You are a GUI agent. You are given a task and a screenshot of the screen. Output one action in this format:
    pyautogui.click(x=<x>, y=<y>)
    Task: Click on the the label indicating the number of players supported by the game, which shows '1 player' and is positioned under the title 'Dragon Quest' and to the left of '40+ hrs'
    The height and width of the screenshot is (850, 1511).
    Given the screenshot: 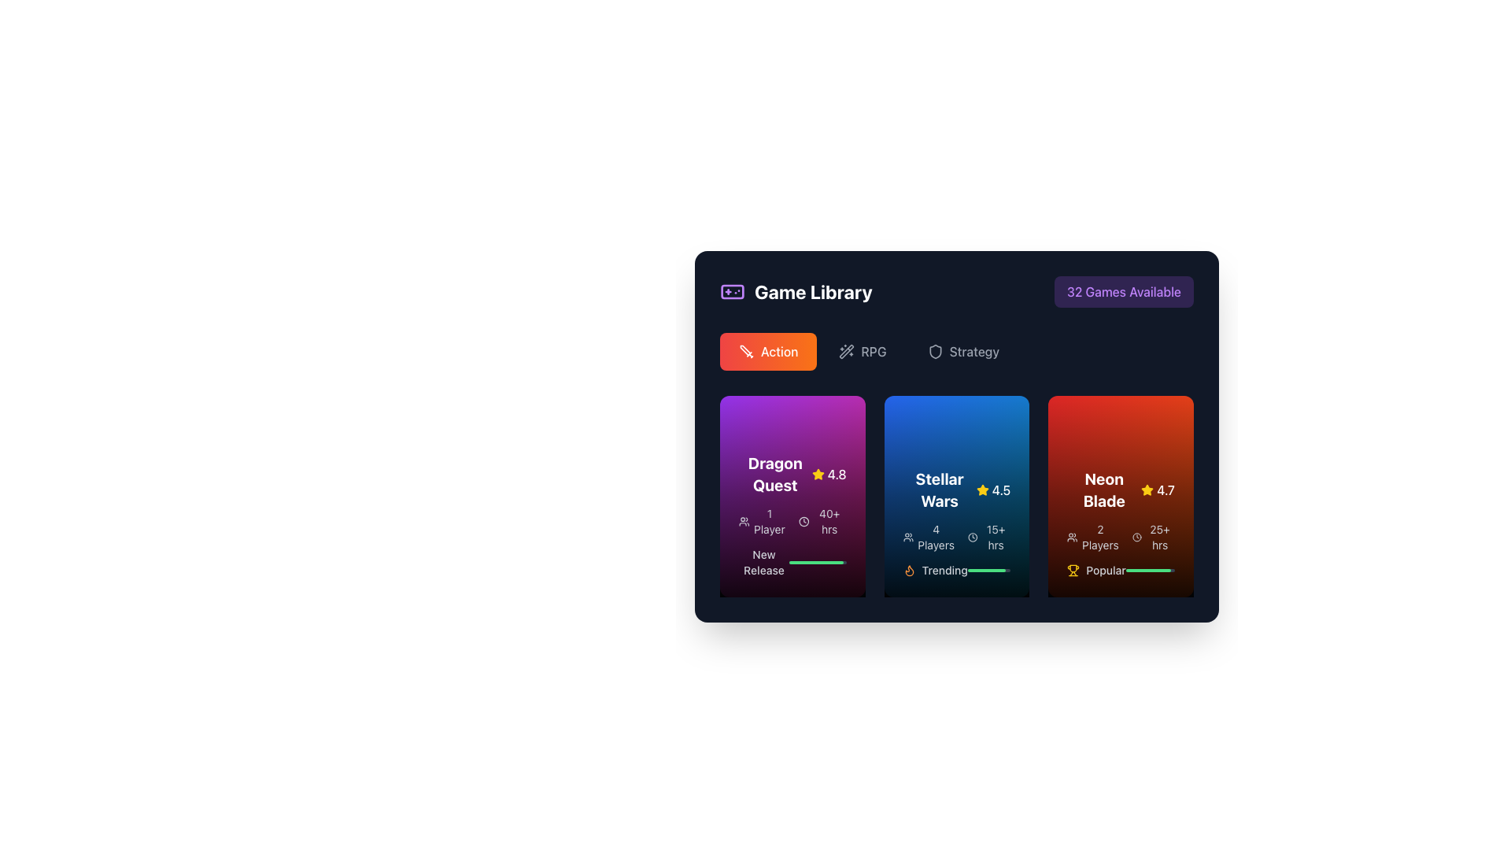 What is the action you would take?
    pyautogui.click(x=763, y=522)
    